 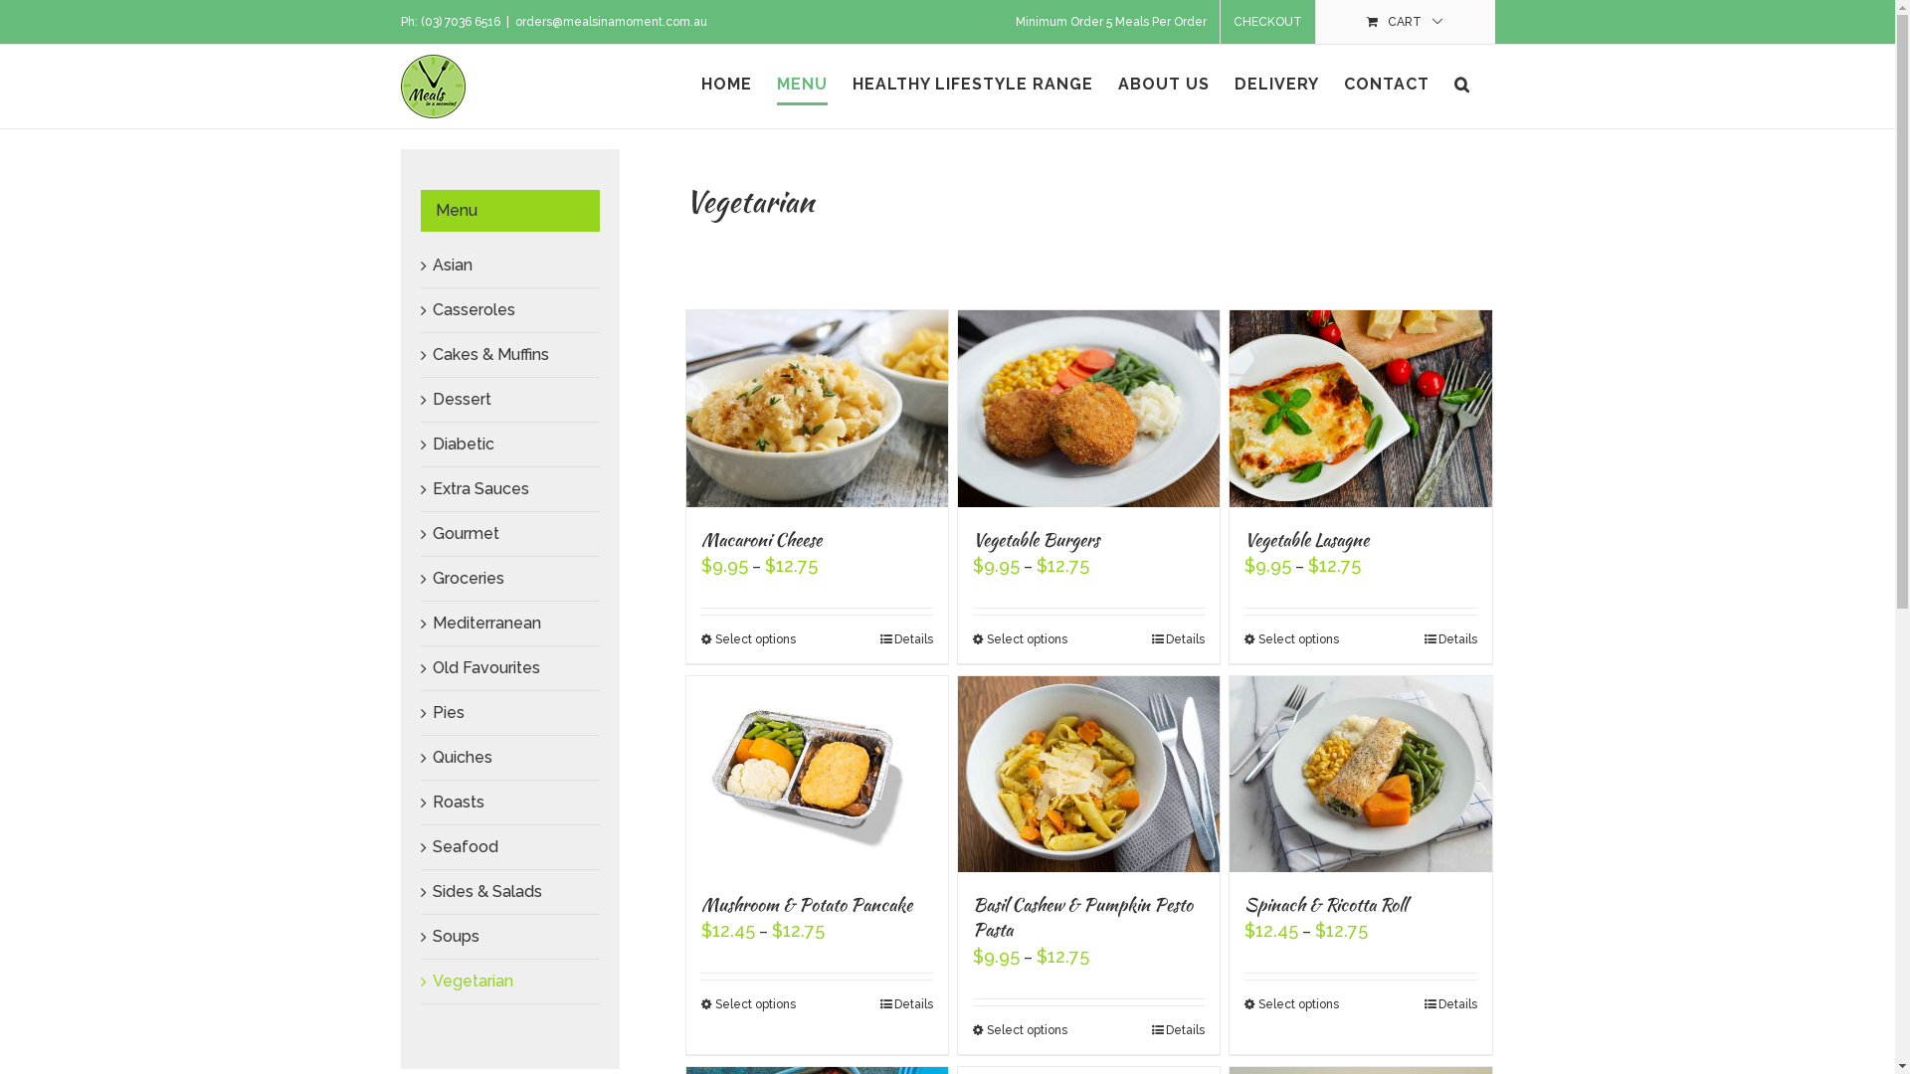 What do you see at coordinates (430, 757) in the screenshot?
I see `'Quiches'` at bounding box center [430, 757].